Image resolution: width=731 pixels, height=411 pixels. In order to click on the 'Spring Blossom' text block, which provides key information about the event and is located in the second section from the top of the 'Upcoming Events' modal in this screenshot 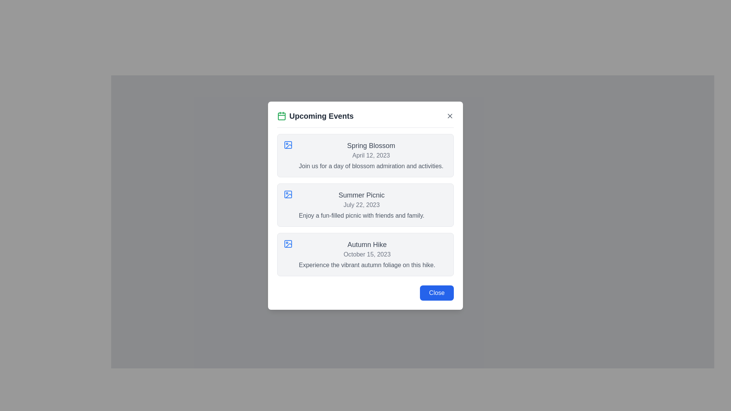, I will do `click(371, 155)`.